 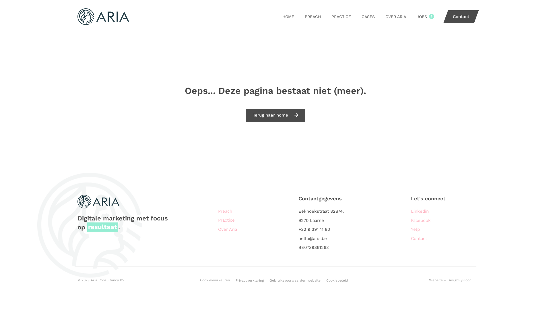 I want to click on 'PREACH', so click(x=304, y=16).